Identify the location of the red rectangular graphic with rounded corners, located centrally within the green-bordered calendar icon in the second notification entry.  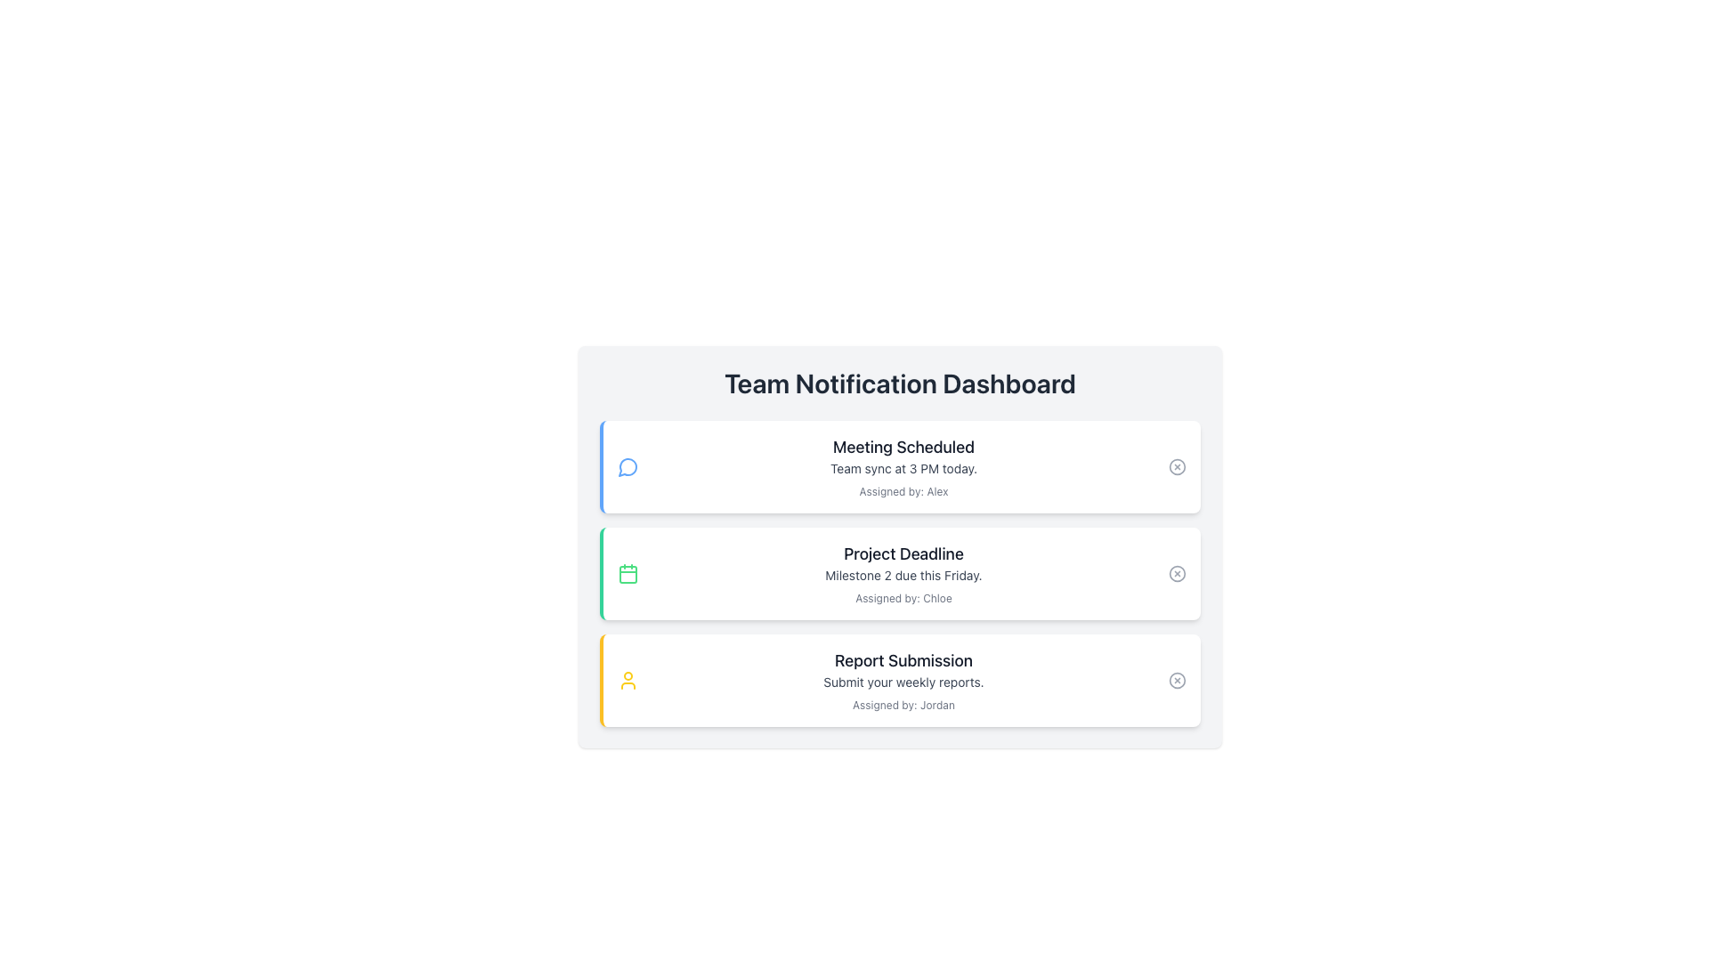
(628, 574).